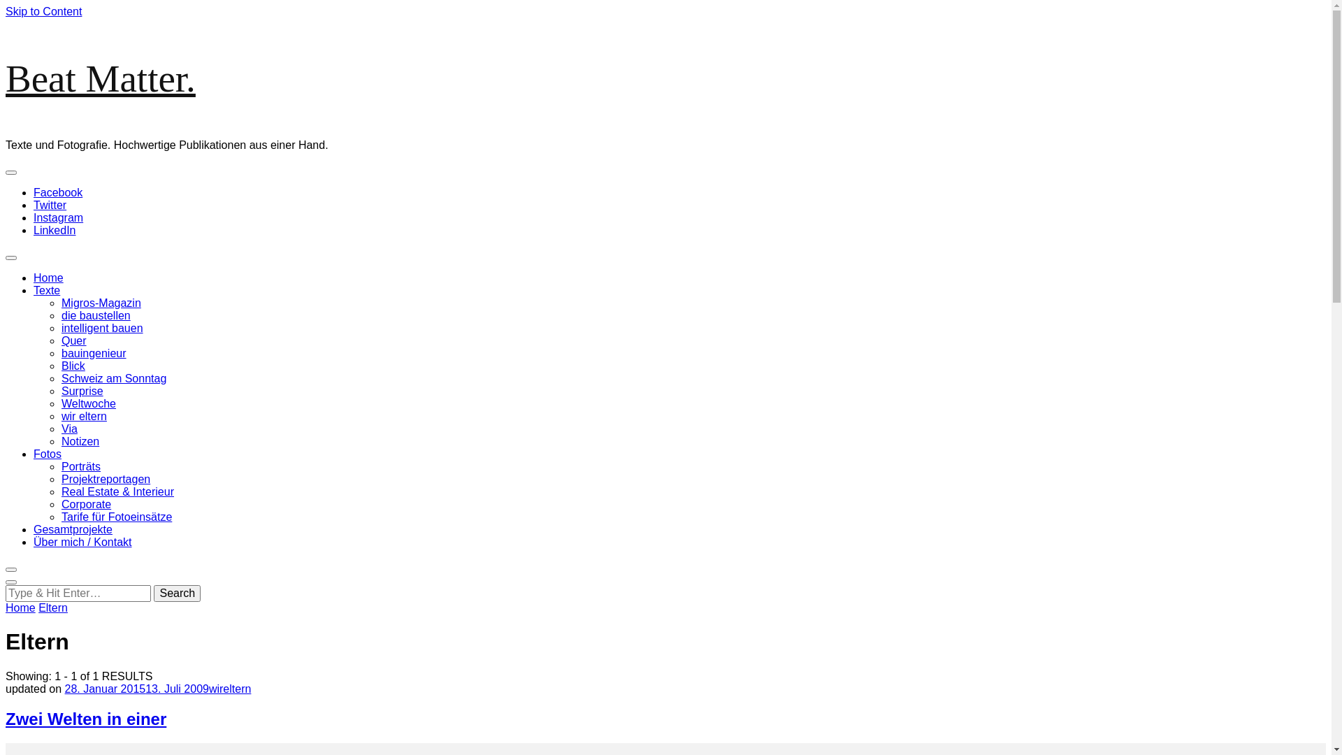 The image size is (1342, 755). Describe the element at coordinates (64, 688) in the screenshot. I see `'28. Januar 201513. Juli 2009'` at that location.